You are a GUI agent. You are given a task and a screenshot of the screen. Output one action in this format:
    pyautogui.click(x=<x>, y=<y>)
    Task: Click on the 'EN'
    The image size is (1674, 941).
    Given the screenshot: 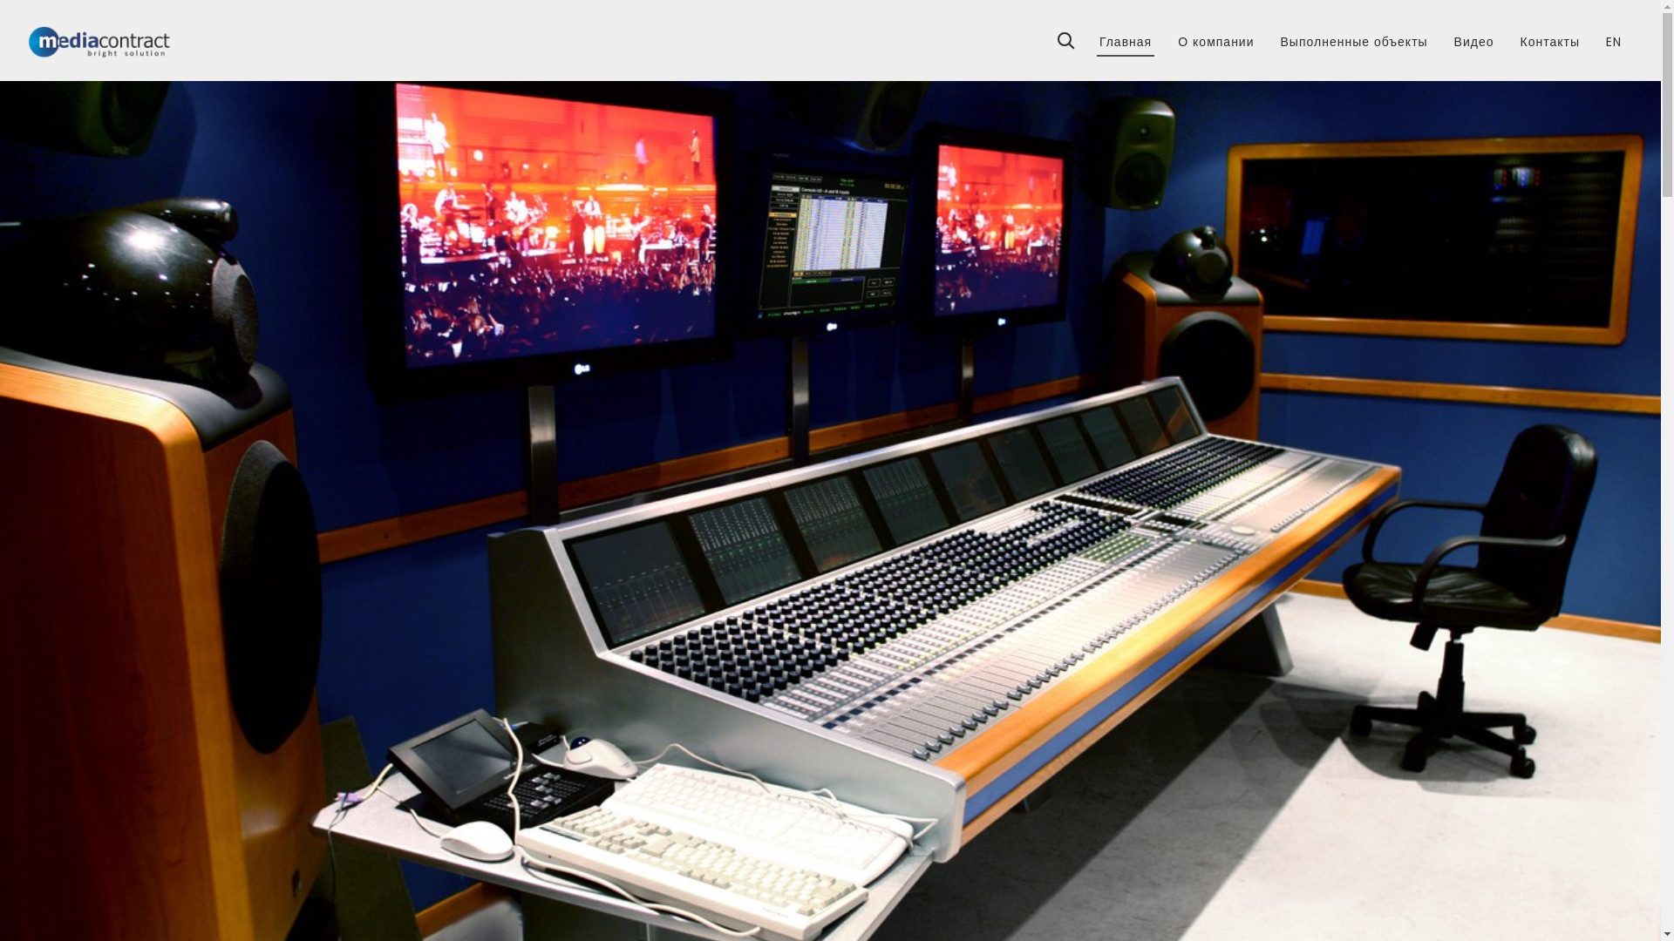 What is the action you would take?
    pyautogui.click(x=1613, y=36)
    